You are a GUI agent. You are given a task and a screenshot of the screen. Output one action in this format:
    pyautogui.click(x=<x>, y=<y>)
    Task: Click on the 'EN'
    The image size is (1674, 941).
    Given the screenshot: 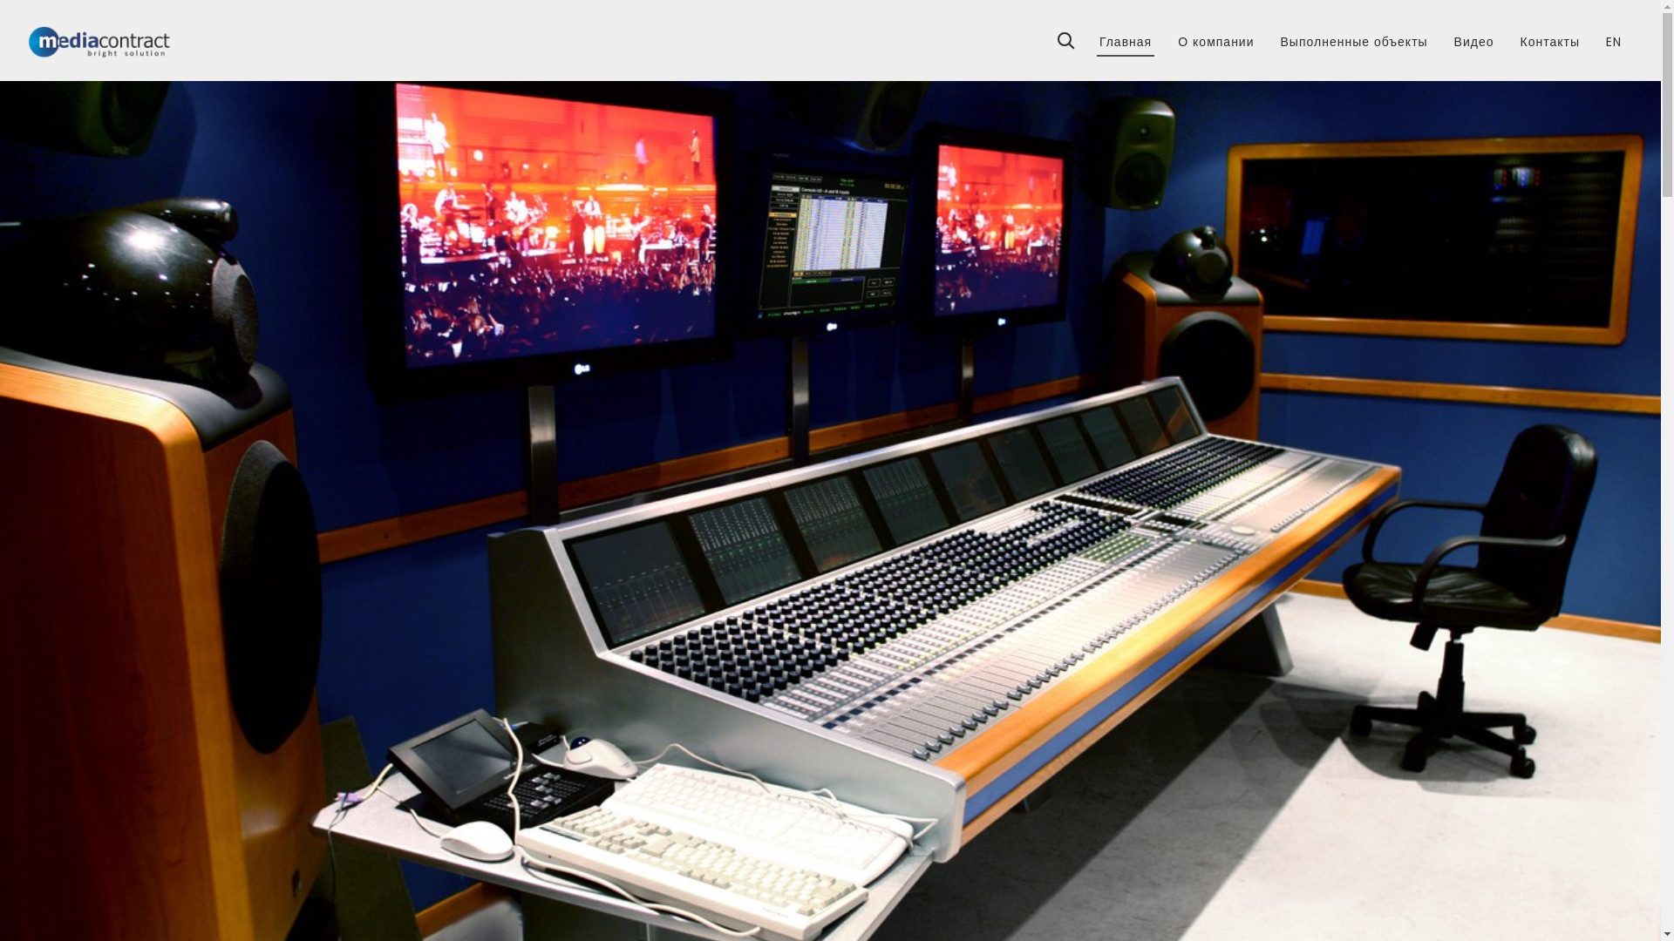 What is the action you would take?
    pyautogui.click(x=1613, y=36)
    